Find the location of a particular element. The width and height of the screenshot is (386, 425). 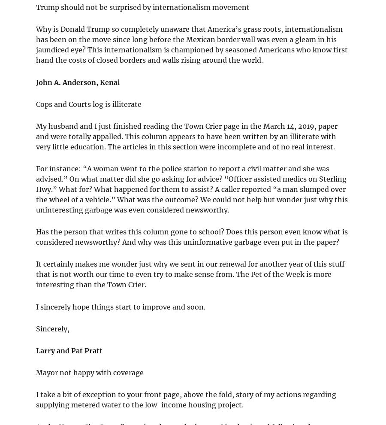

'Trump should not be surprised by internationalism movement' is located at coordinates (142, 7).